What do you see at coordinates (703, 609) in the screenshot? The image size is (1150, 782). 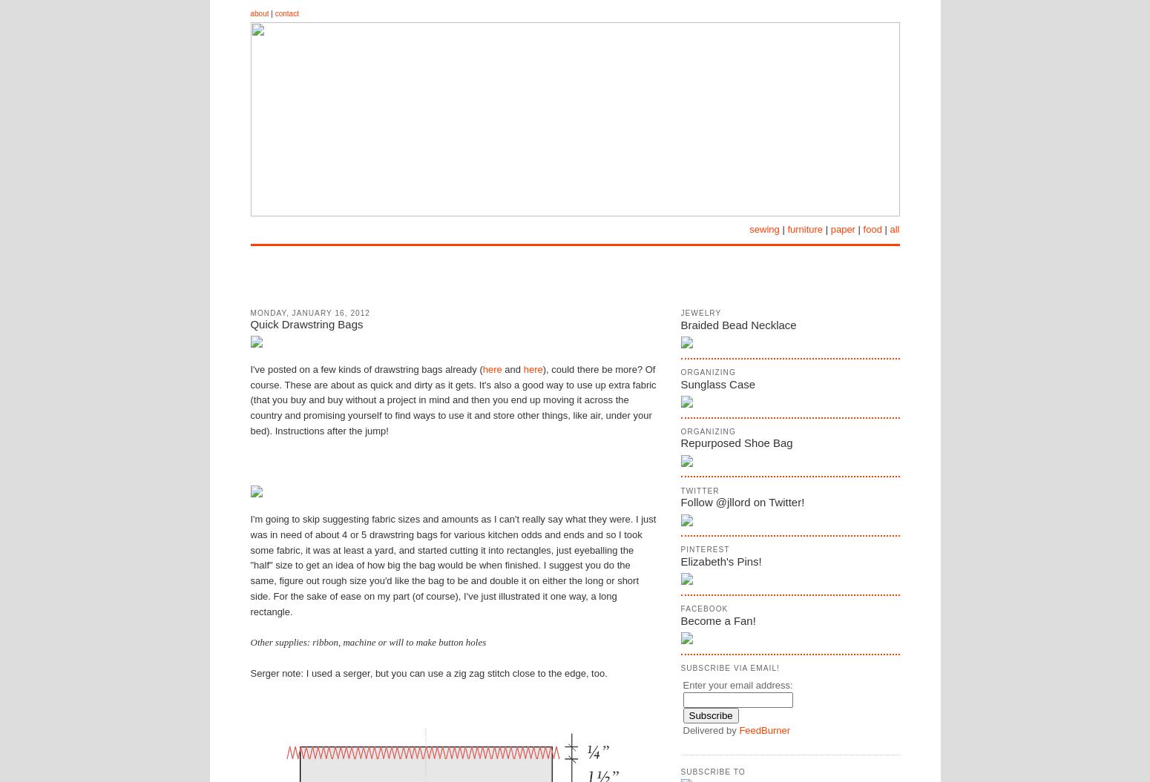 I see `'Facebook'` at bounding box center [703, 609].